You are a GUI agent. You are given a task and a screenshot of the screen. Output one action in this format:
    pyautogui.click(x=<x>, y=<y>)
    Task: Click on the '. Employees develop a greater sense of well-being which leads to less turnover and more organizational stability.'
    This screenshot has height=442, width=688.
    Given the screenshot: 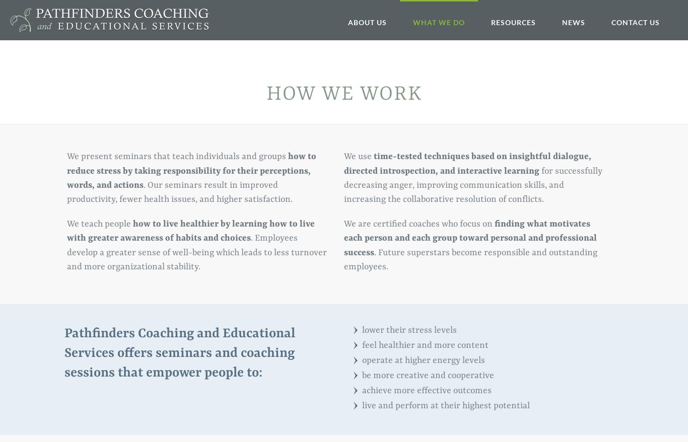 What is the action you would take?
    pyautogui.click(x=196, y=252)
    